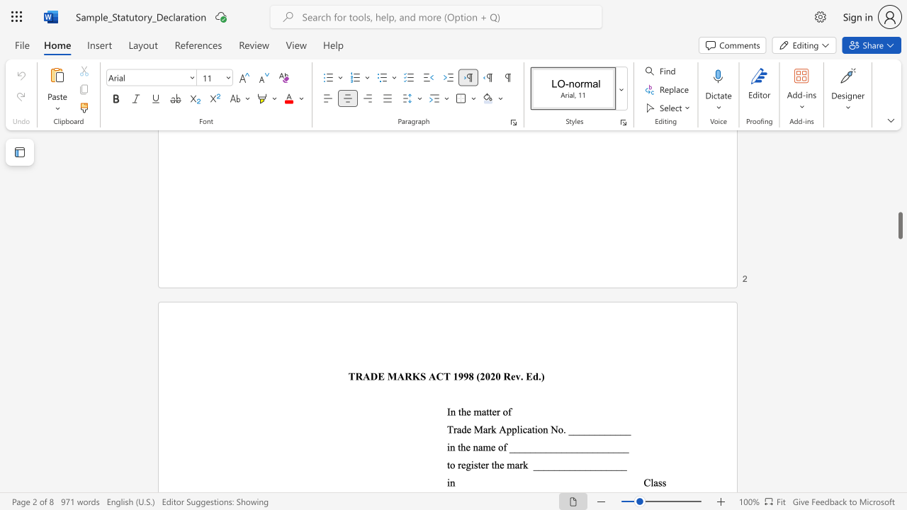  Describe the element at coordinates (899, 149) in the screenshot. I see `the scrollbar on the right to move the page upward` at that location.